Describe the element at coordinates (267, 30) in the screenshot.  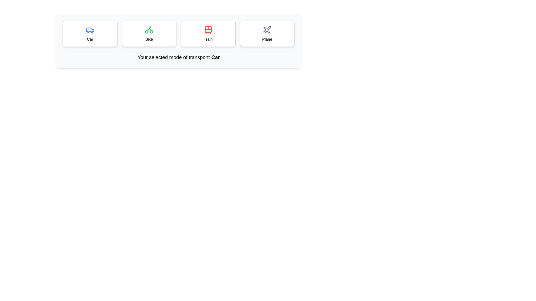
I see `the airplane icon representing the 'Plane' option in the transport selection interface` at that location.